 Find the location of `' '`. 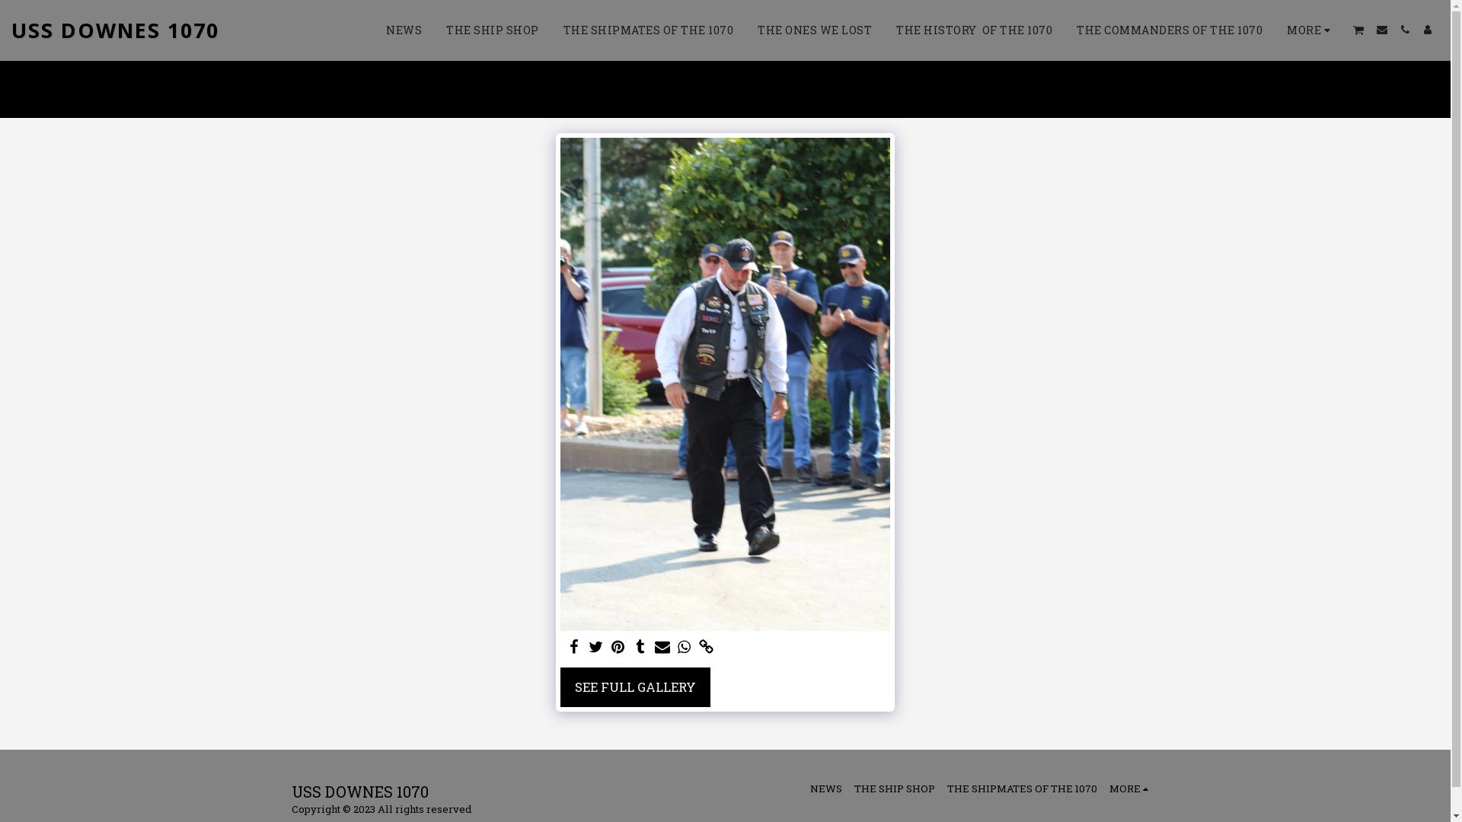

' ' is located at coordinates (1427, 29).